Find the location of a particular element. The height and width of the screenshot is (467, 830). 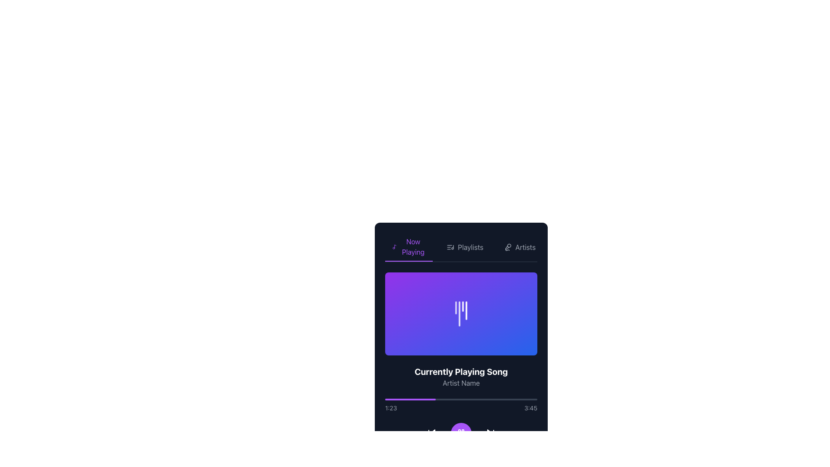

the button that navigates to the artist-related information is located at coordinates (519, 247).